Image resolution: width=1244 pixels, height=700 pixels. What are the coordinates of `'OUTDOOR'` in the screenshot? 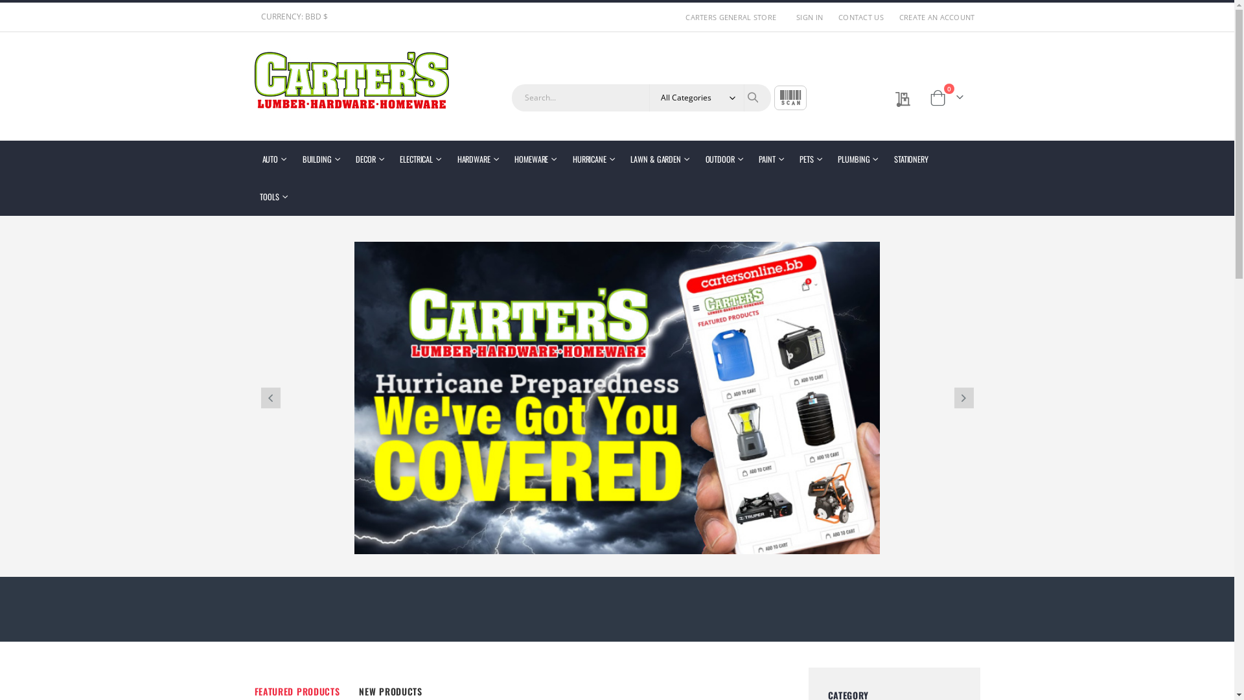 It's located at (724, 159).